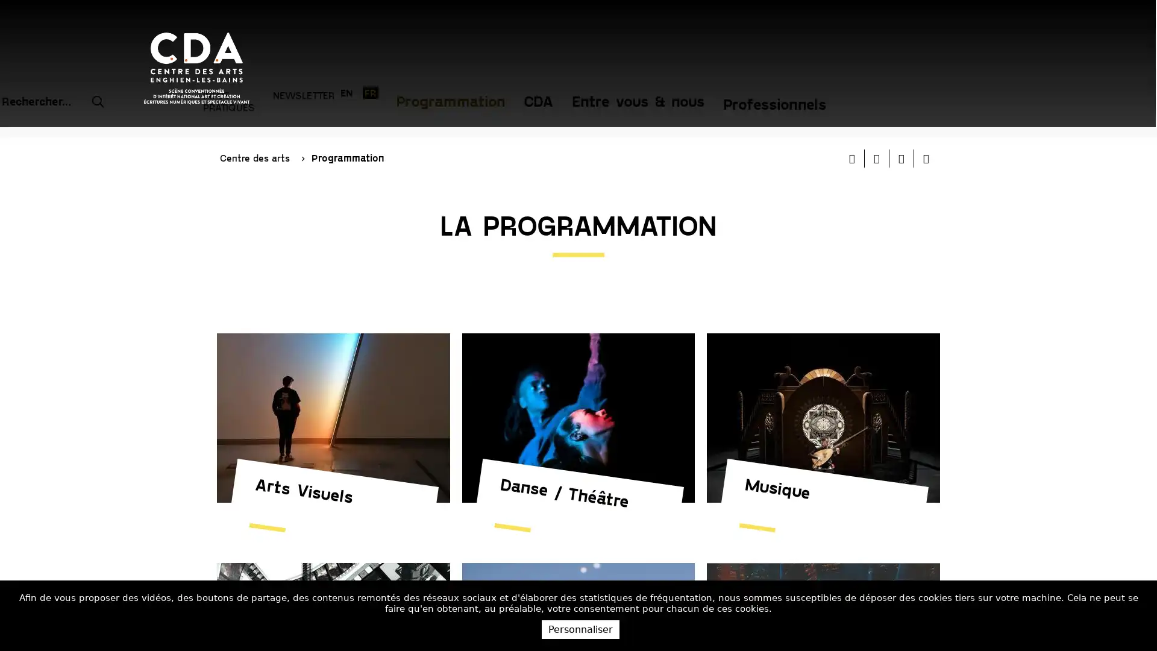  I want to click on Imprimer cette page, so click(851, 118).